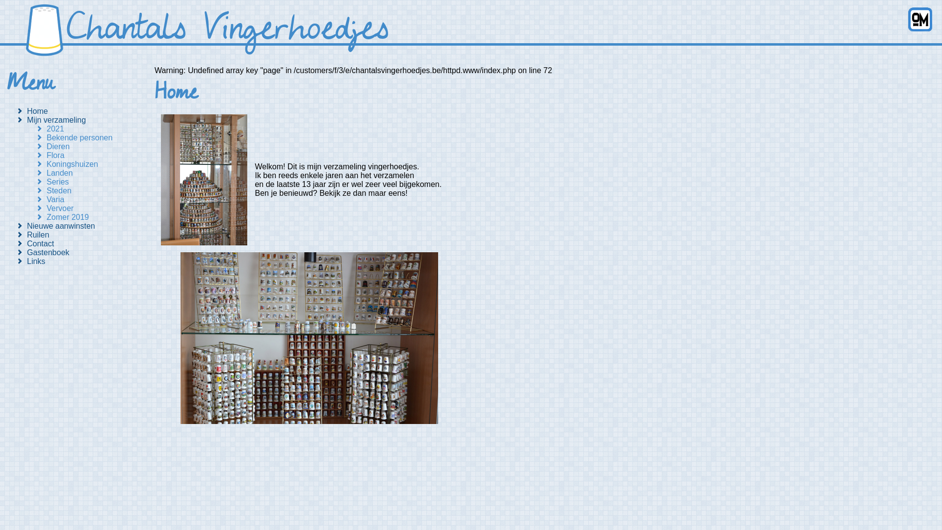  I want to click on 'Bekende personen', so click(93, 138).